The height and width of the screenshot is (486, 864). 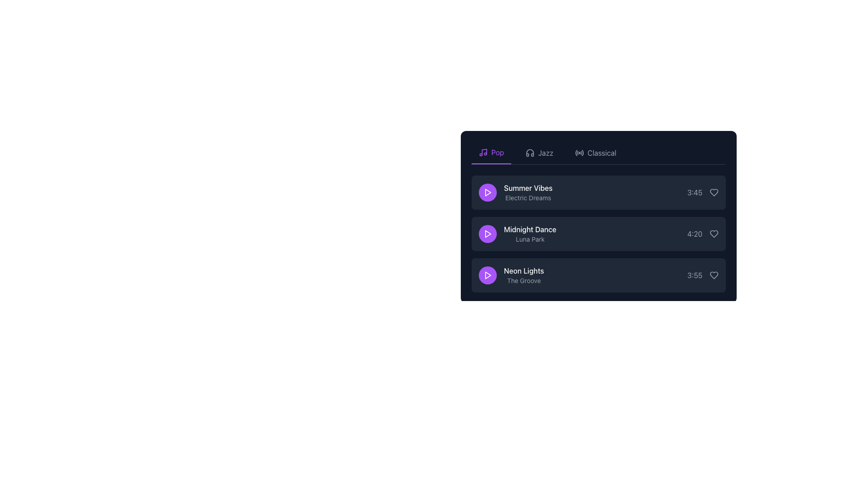 I want to click on the circular play button on the 'Summer Vibes' list item, so click(x=598, y=192).